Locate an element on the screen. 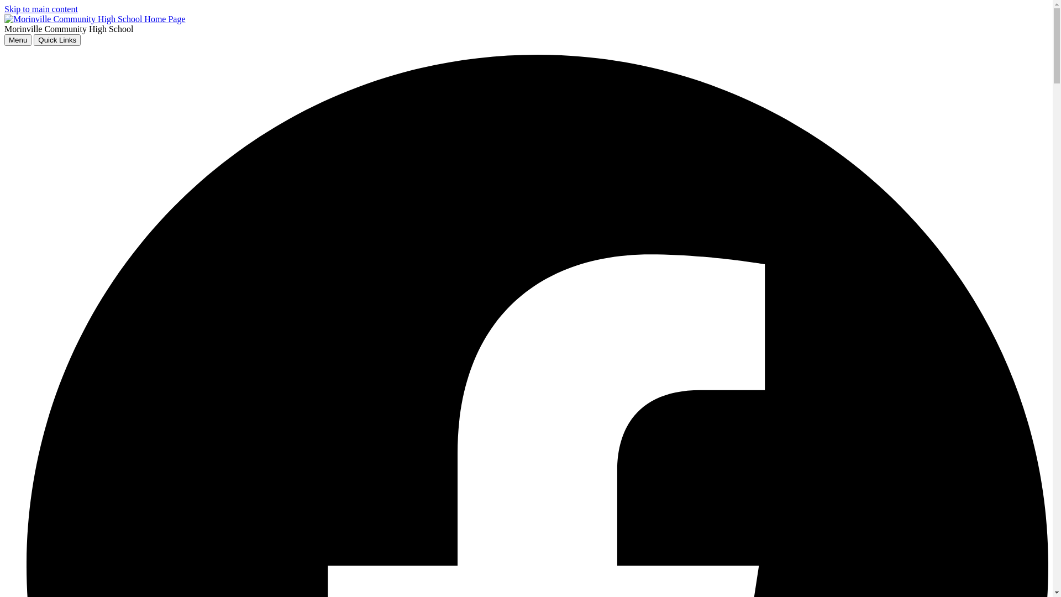  'home' is located at coordinates (95, 19).